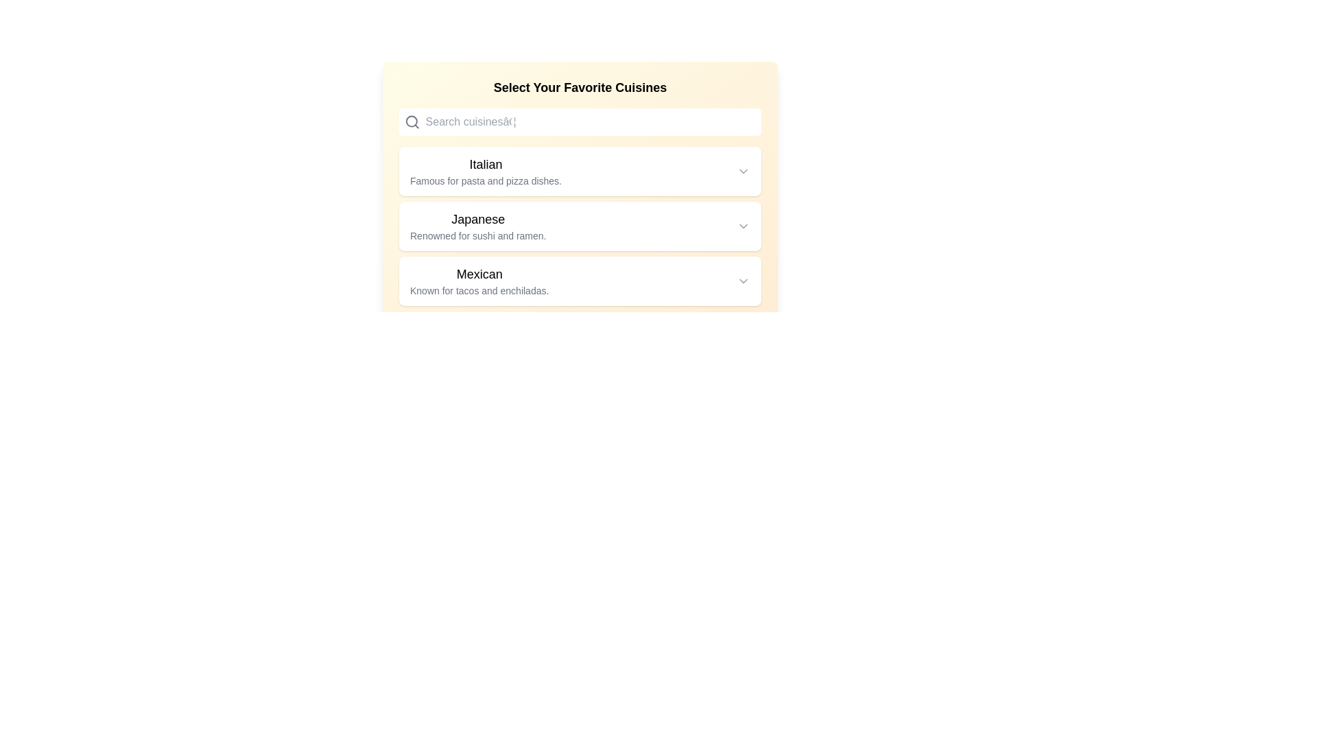 The image size is (1317, 741). What do you see at coordinates (743, 171) in the screenshot?
I see `the downward-pointing chevron icon that indicates a dropdown menu next to the 'Italian' option` at bounding box center [743, 171].